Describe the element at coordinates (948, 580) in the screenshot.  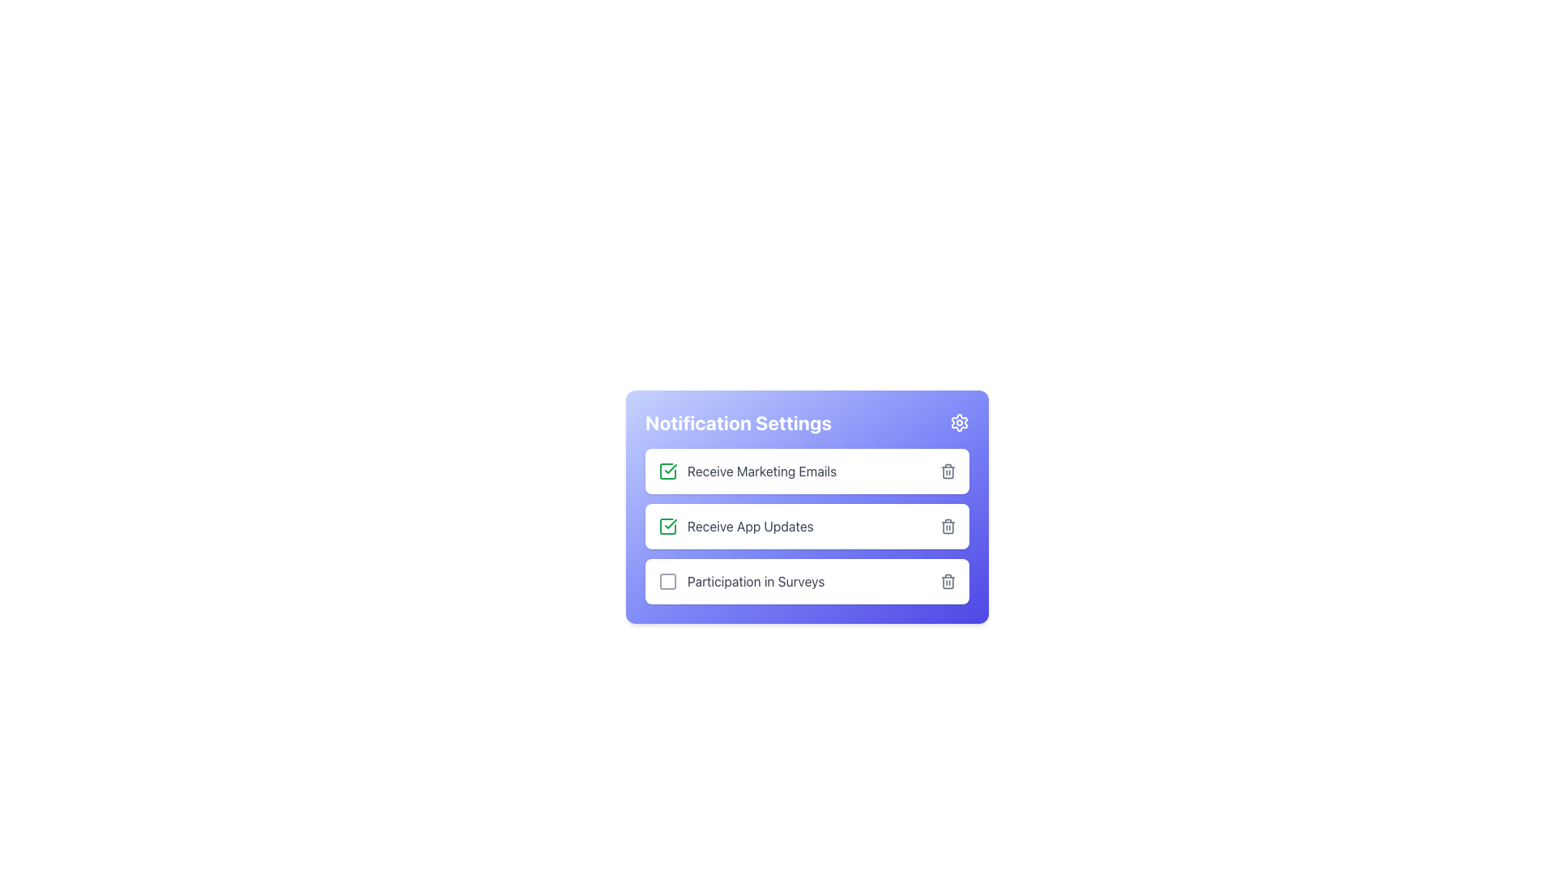
I see `the trash can icon located at the right end of the 'Participation in Surveys' item` at that location.